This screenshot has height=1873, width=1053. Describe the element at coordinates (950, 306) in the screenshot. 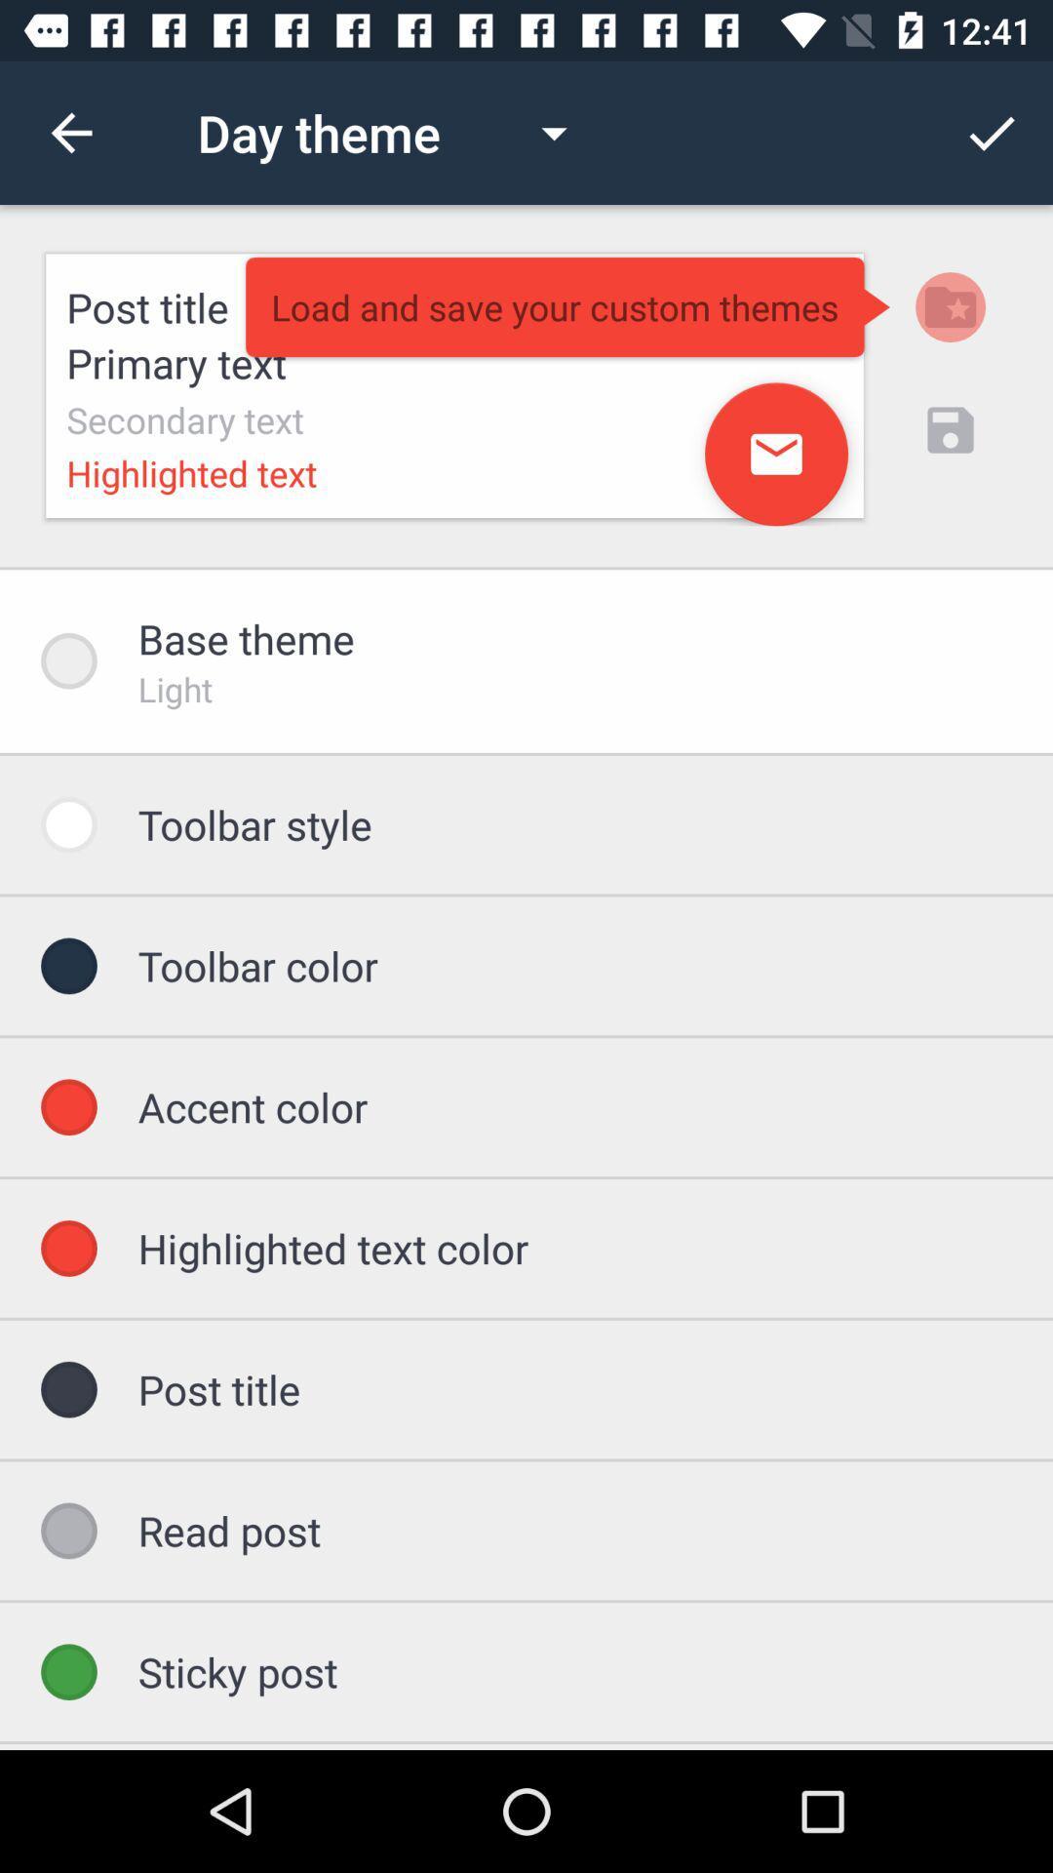

I see `the folder icon` at that location.